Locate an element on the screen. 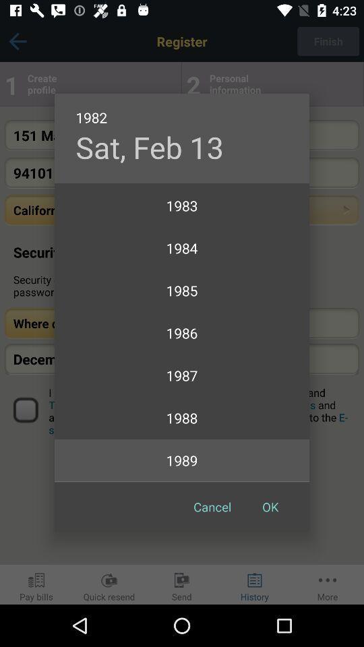 This screenshot has width=364, height=647. the item below 1990 is located at coordinates (212, 506).